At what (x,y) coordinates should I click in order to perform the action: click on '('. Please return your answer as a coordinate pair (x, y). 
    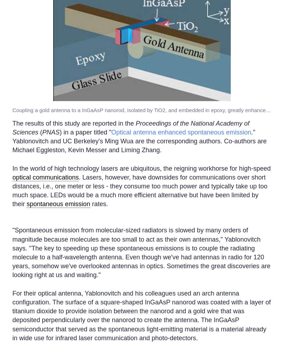
    Looking at the image, I should click on (40, 132).